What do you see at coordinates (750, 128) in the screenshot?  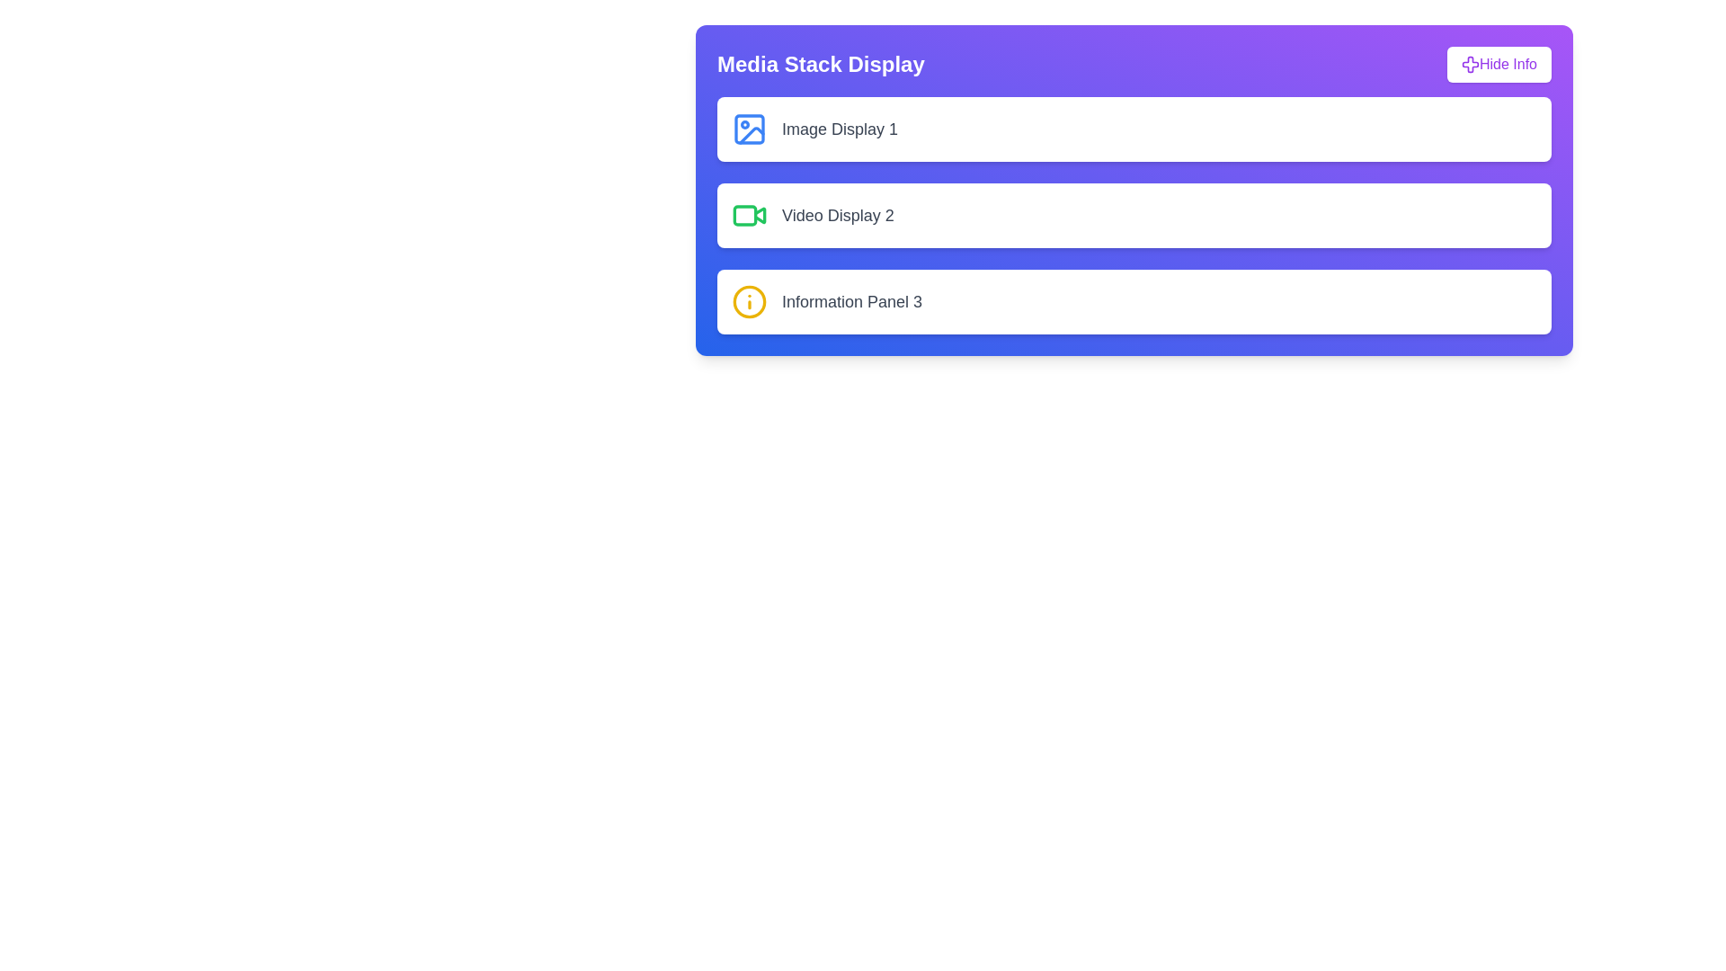 I see `the visual icon representing the image or gallery, which is located at the far left of the first row preceding the label 'Image Display 1'` at bounding box center [750, 128].